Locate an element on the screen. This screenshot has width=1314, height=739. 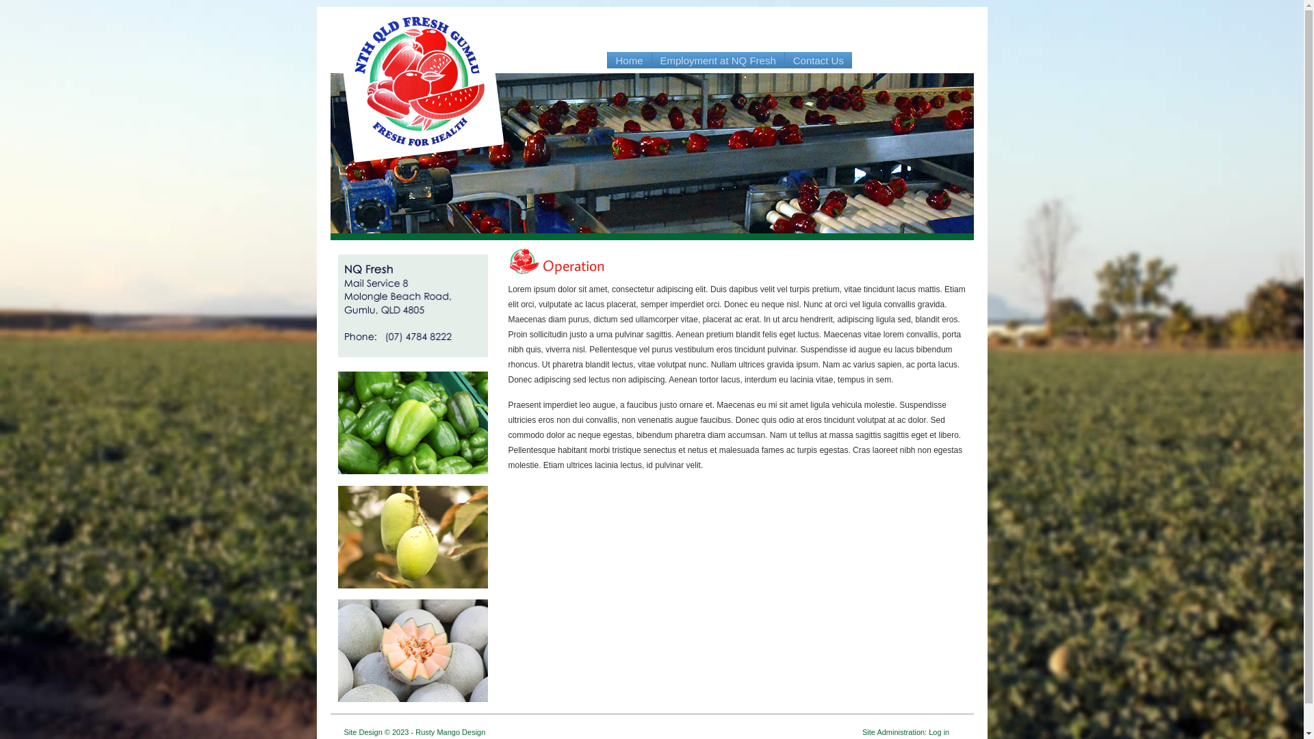
'Rusty Mango Design' is located at coordinates (450, 731).